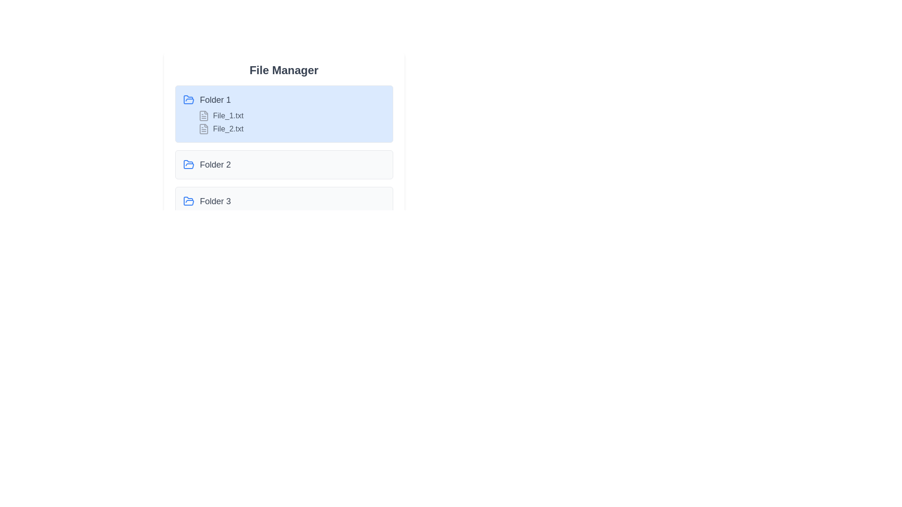  What do you see at coordinates (291, 115) in the screenshot?
I see `the file entry labeled 'File_1.txt' which is represented by a file icon and is the first entry under the folder 'Folder 1'` at bounding box center [291, 115].